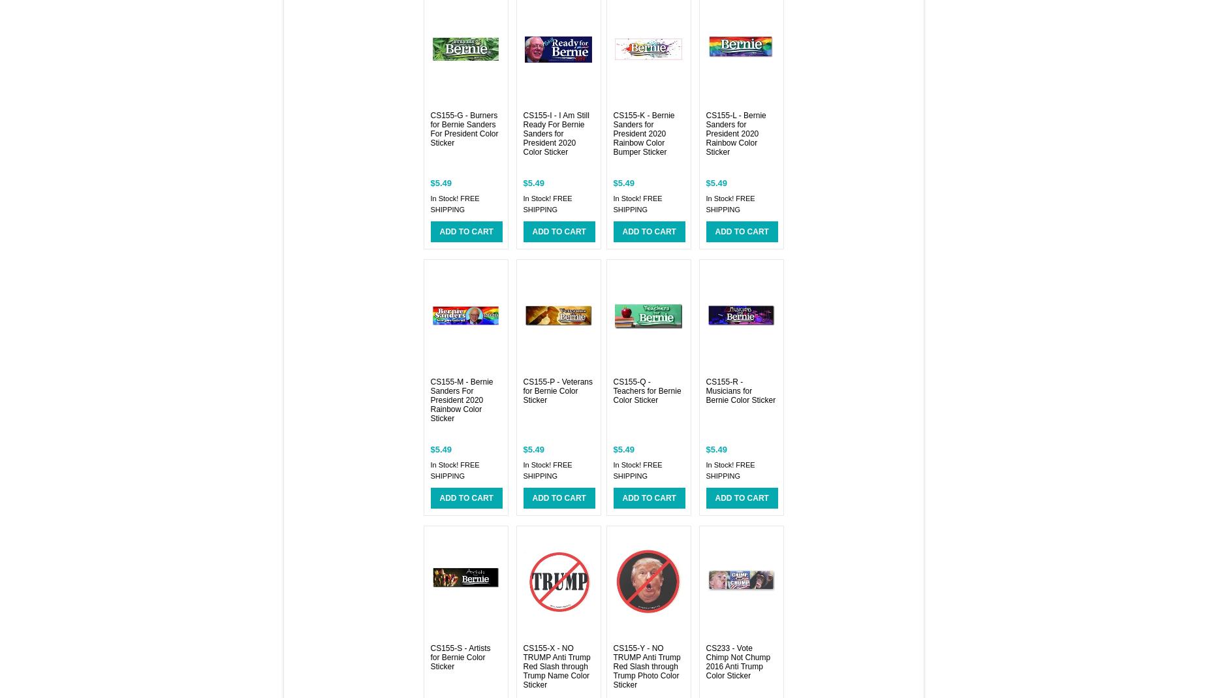 This screenshot has width=1207, height=698. What do you see at coordinates (612, 390) in the screenshot?
I see `'CS155-Q - Teachers for Bernie Color Sticker'` at bounding box center [612, 390].